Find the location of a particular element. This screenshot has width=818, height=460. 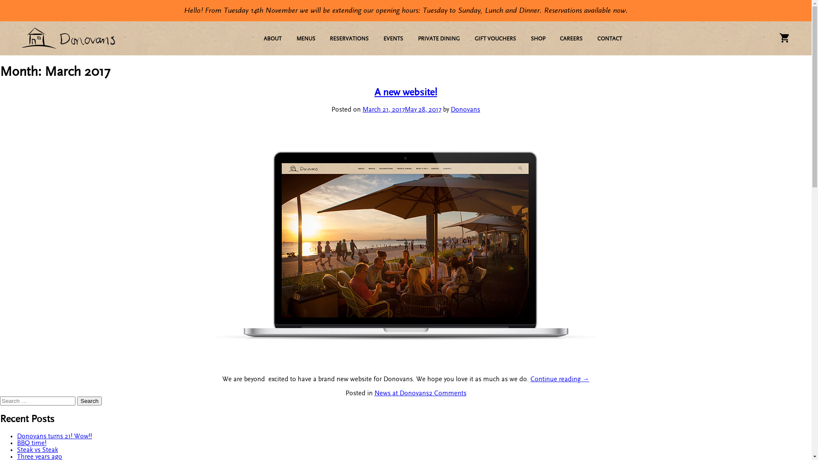

'PRIVATE DINING' is located at coordinates (418, 39).